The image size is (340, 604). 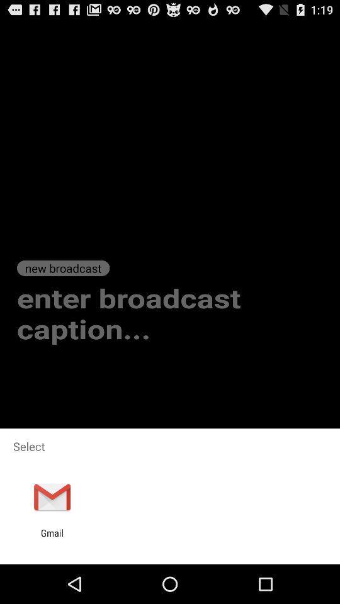 I want to click on gmail icon, so click(x=52, y=538).